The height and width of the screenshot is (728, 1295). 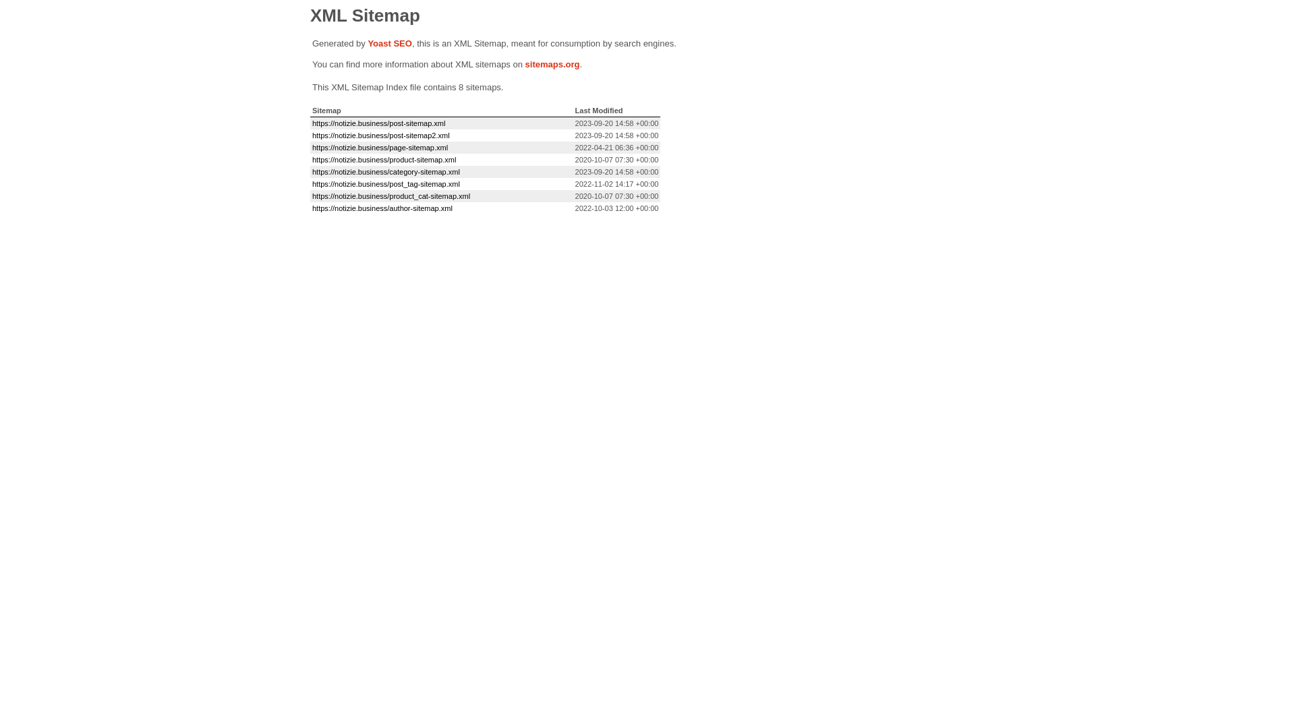 I want to click on 'sitemaps.org', so click(x=552, y=64).